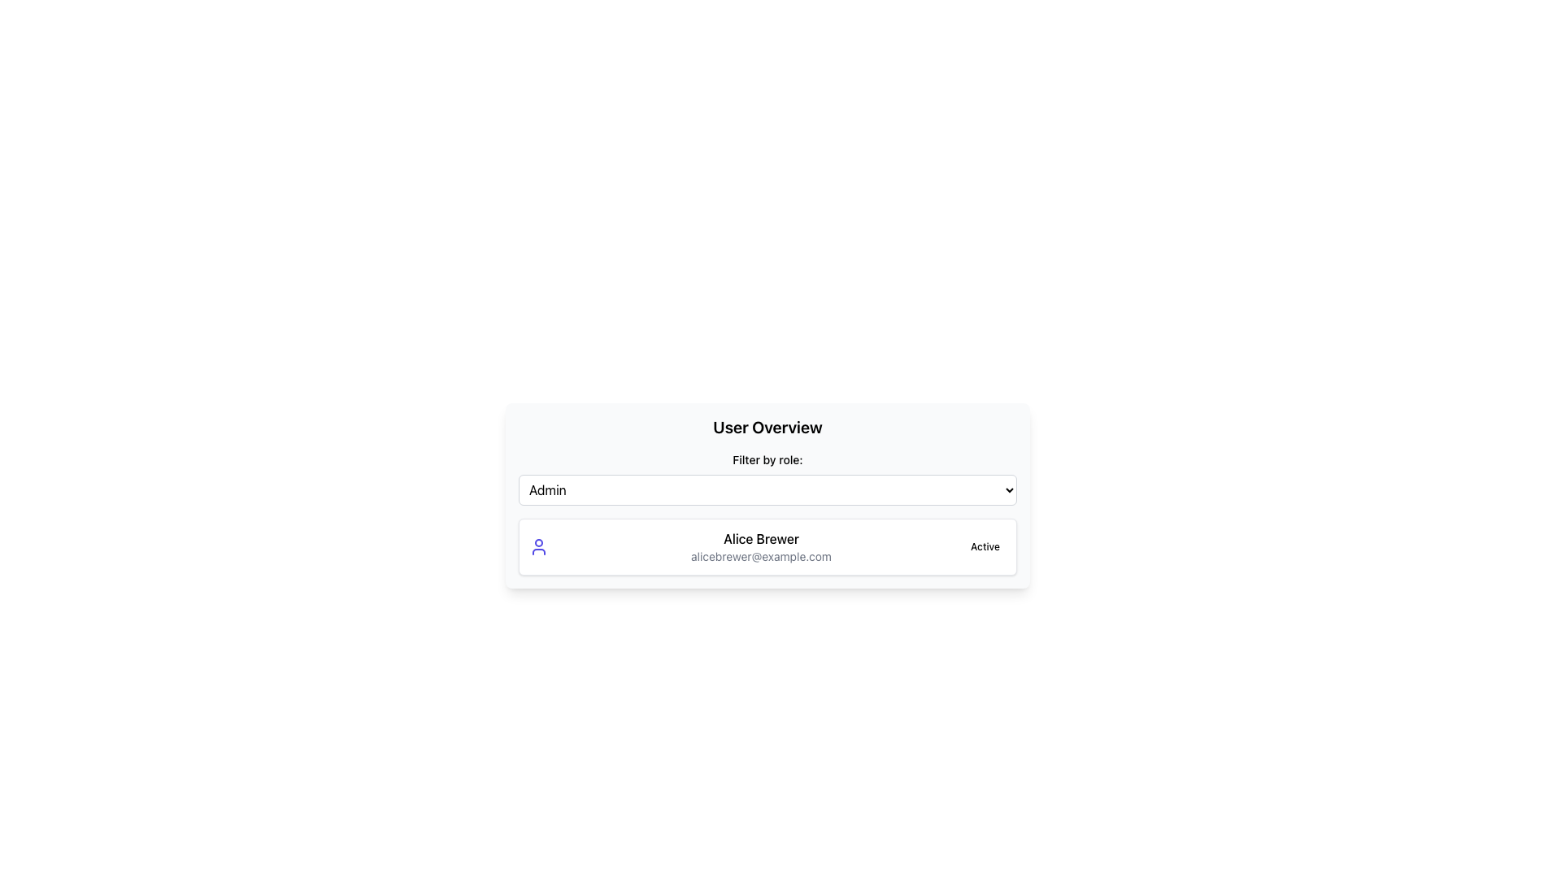 The width and height of the screenshot is (1561, 878). Describe the element at coordinates (767, 546) in the screenshot. I see `the email section of the Profile Card to copy the email address displayed, which is centrally aligned within the card` at that location.